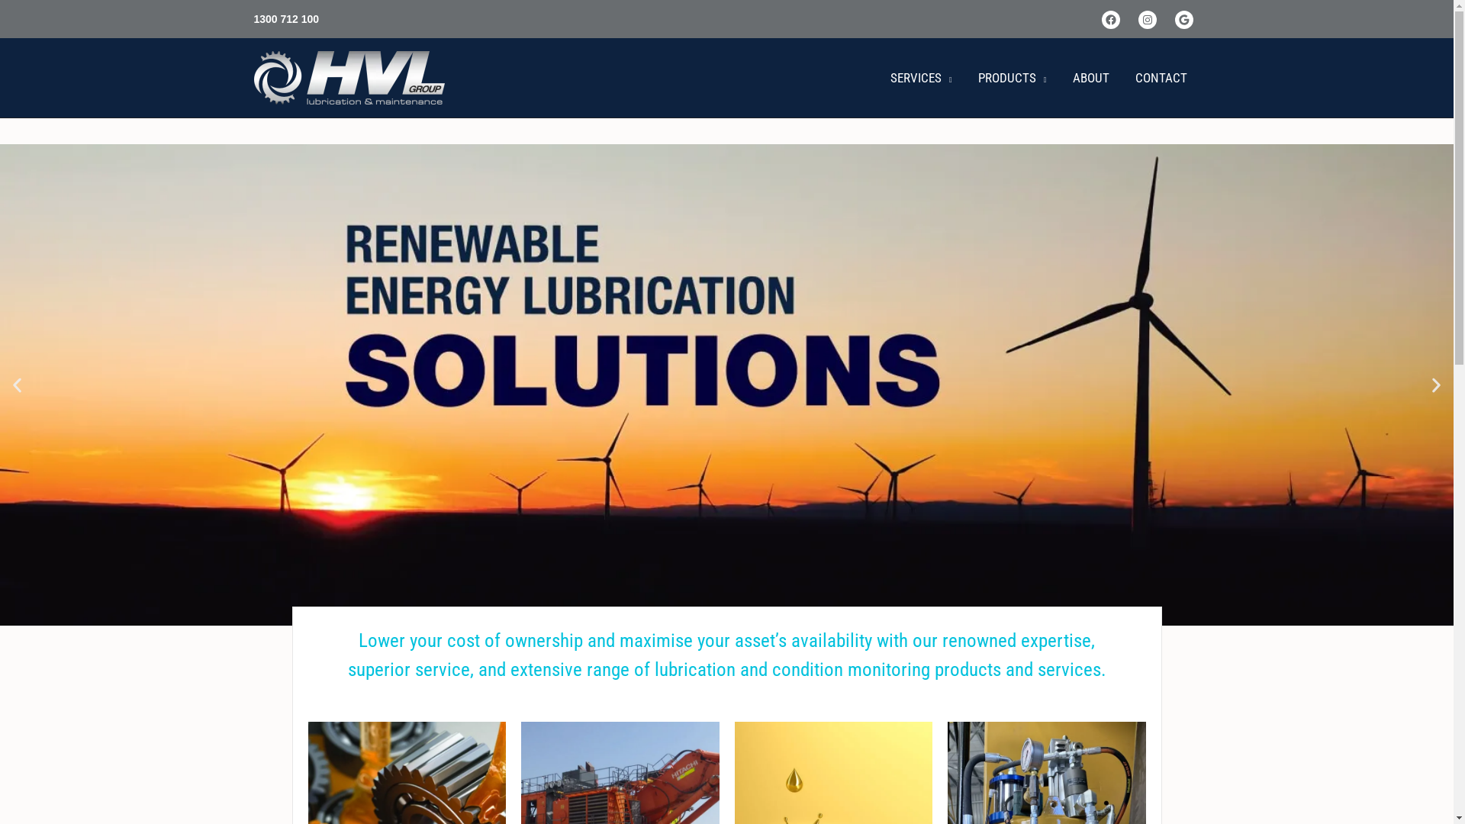 This screenshot has height=824, width=1465. What do you see at coordinates (1110, 20) in the screenshot?
I see `'Facebook'` at bounding box center [1110, 20].